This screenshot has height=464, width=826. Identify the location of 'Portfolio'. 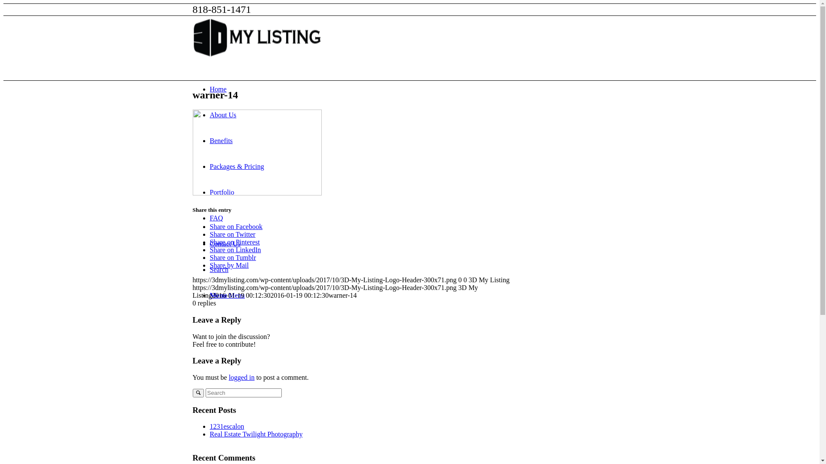
(222, 192).